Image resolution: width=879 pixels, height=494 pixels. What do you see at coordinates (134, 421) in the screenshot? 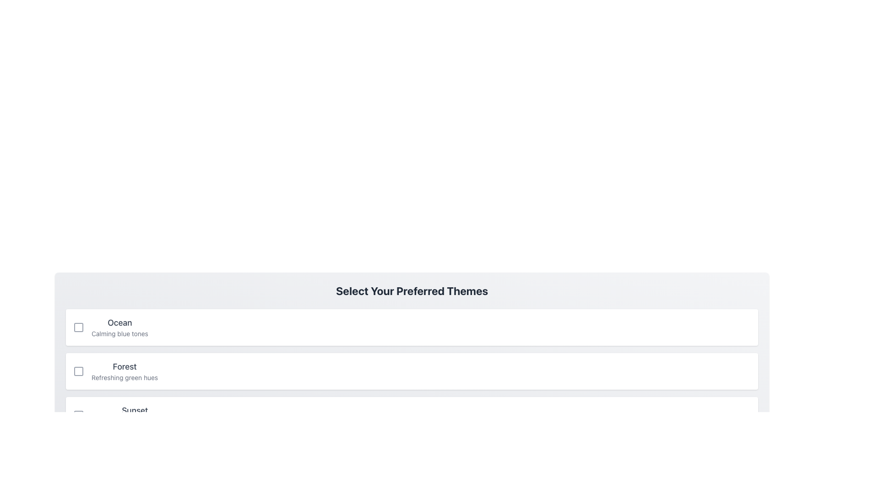
I see `the Text Label that displays 'Warm red and orange shades', which is styled in a small light gray font and positioned beneath the title 'Sunset'` at bounding box center [134, 421].